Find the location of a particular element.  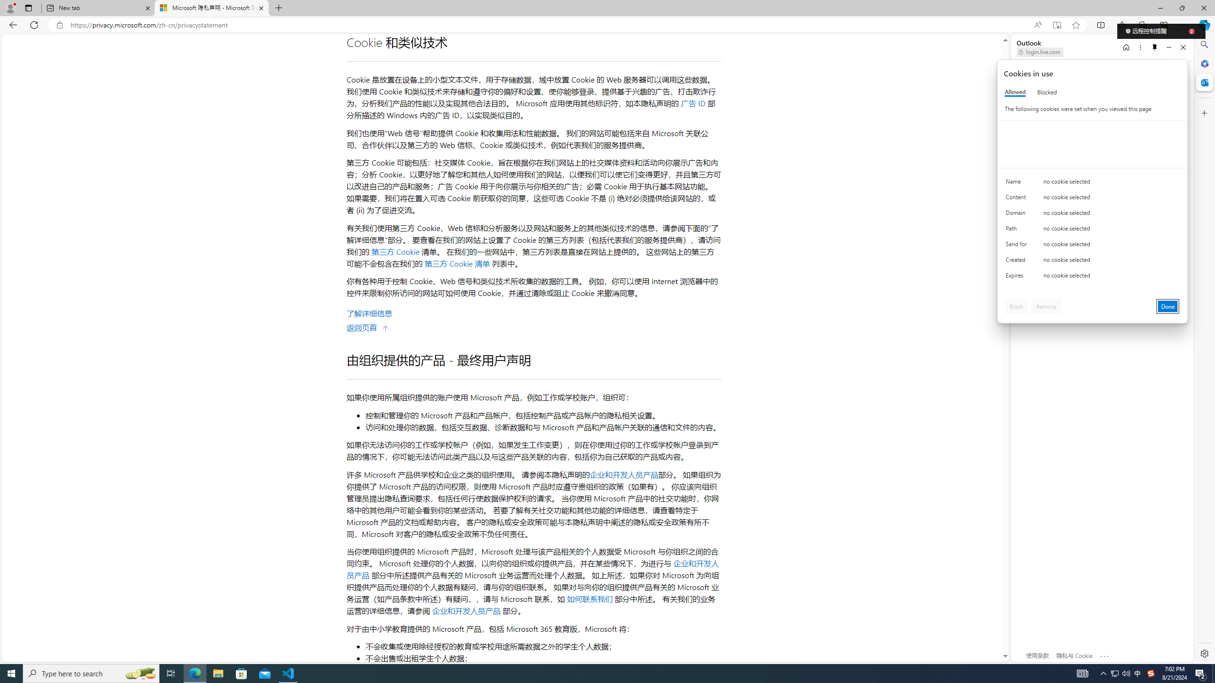

'Done' is located at coordinates (1168, 306).